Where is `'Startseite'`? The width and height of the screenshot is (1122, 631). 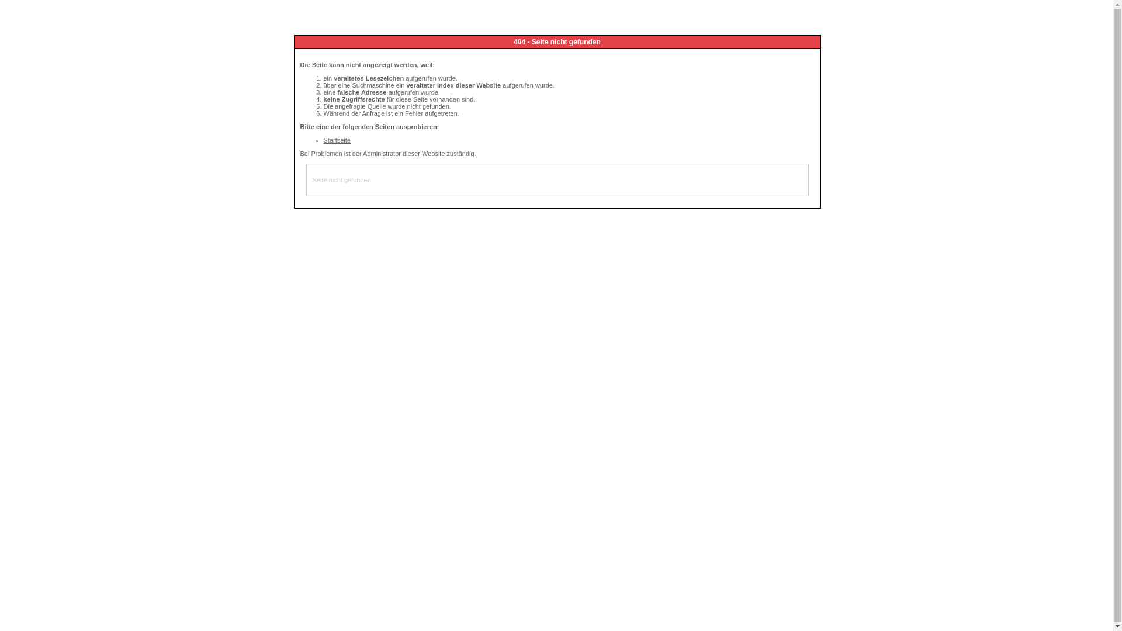
'Startseite' is located at coordinates (336, 139).